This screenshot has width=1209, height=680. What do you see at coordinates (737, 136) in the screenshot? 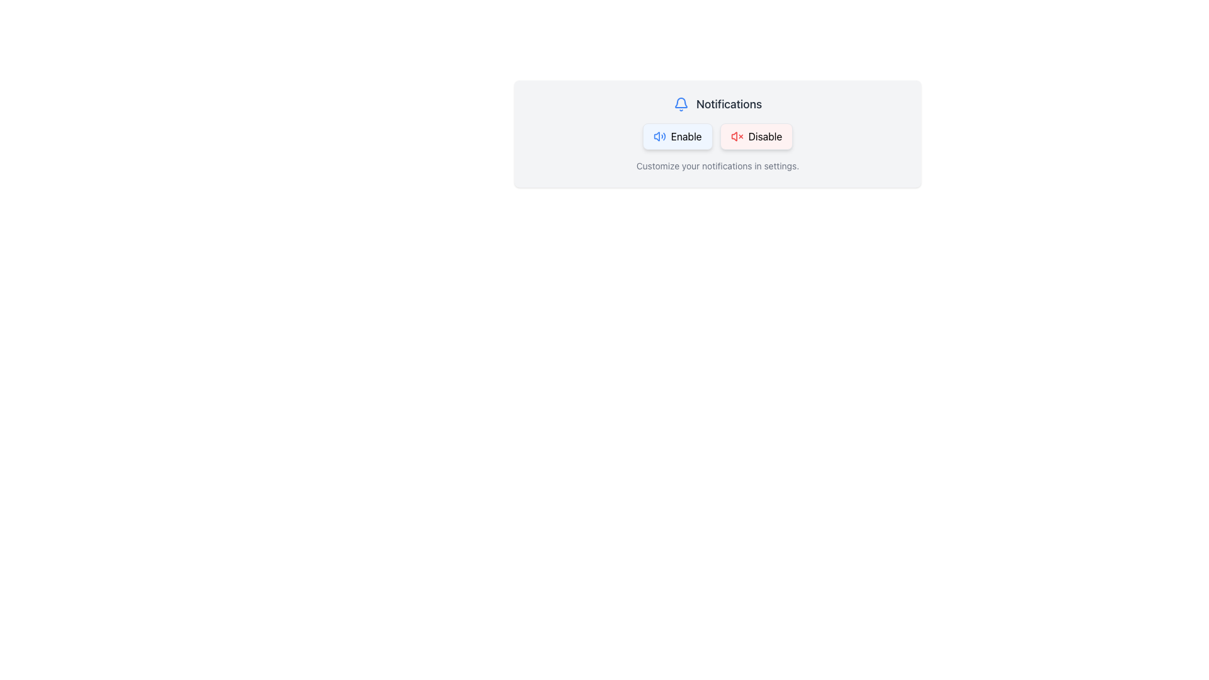
I see `the 'Disable' icon located inside the red button` at bounding box center [737, 136].